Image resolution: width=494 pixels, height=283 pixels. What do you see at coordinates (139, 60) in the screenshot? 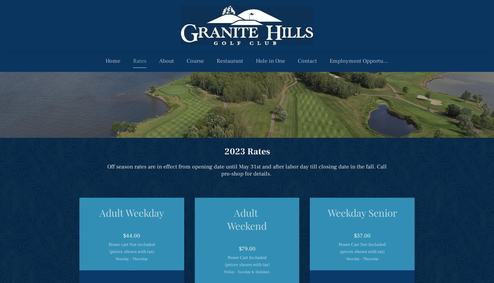
I see `'Rates'` at bounding box center [139, 60].